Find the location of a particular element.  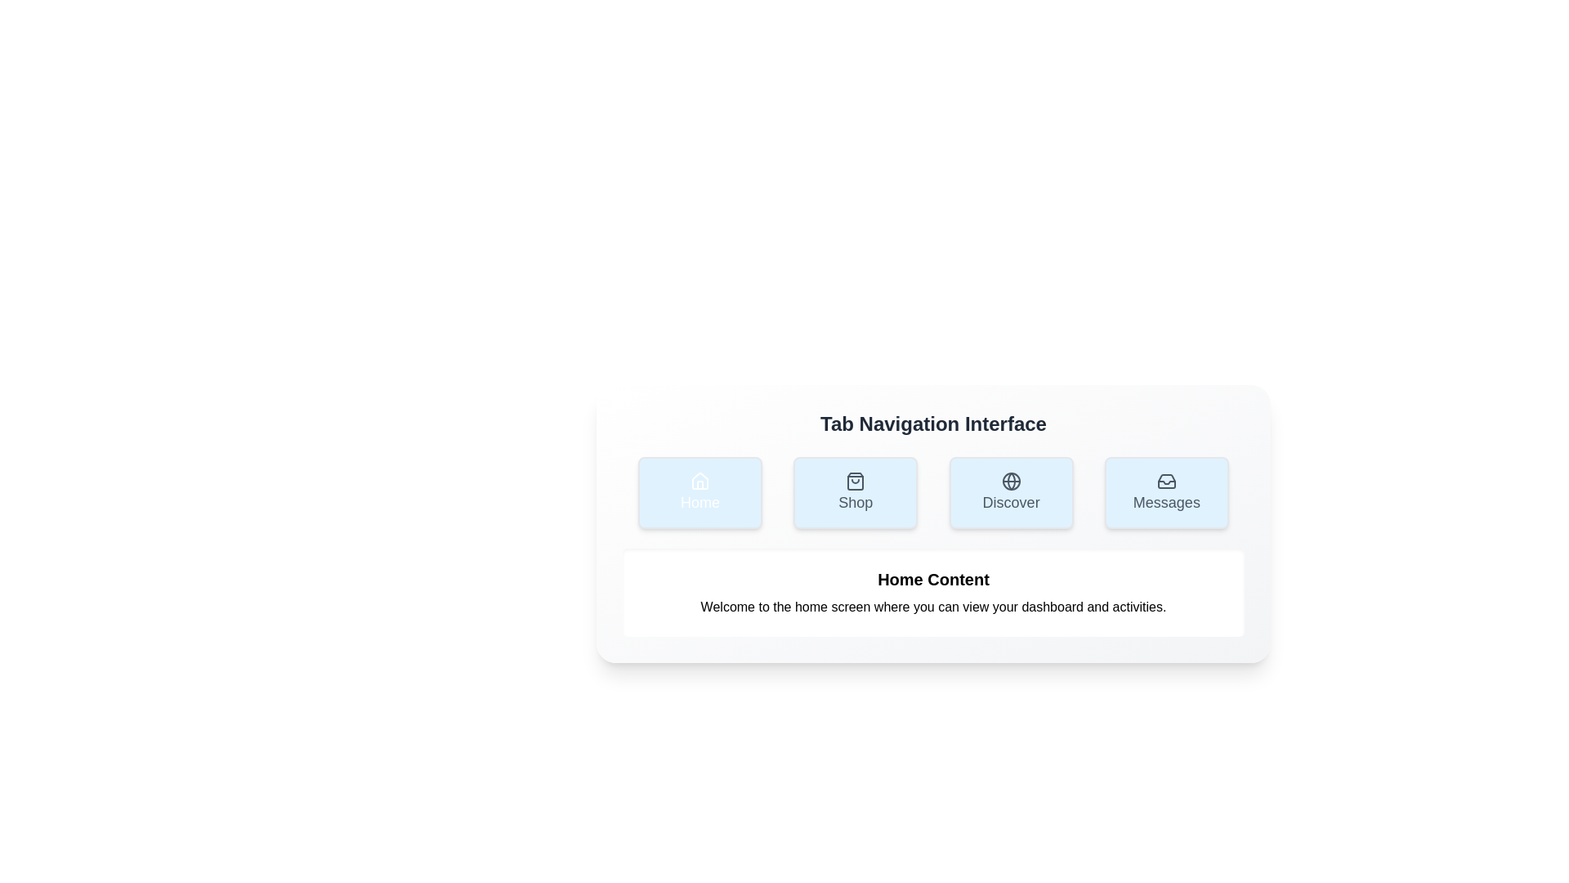

the 'Messages' icon in the tab navigation interface, which is located to the far right of the group of icons representing different sections is located at coordinates (1165, 481).